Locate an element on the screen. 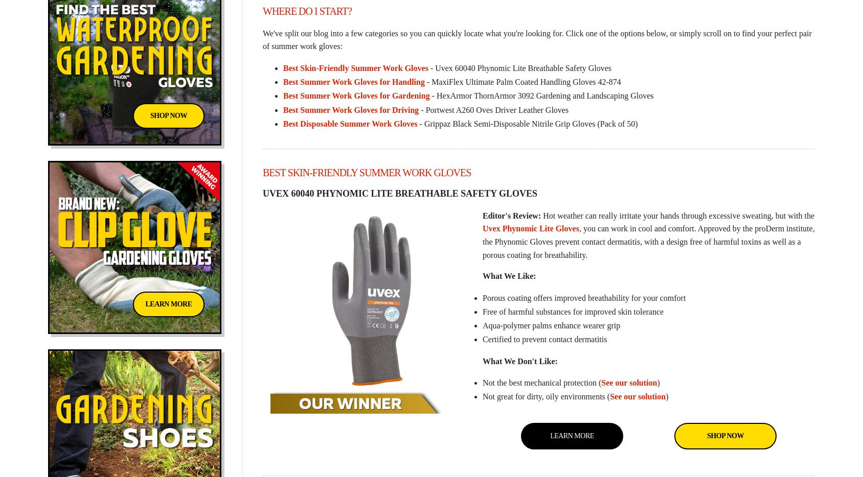 The width and height of the screenshot is (863, 477). 'Best Summer Work Gloves for Driving' is located at coordinates (350, 109).